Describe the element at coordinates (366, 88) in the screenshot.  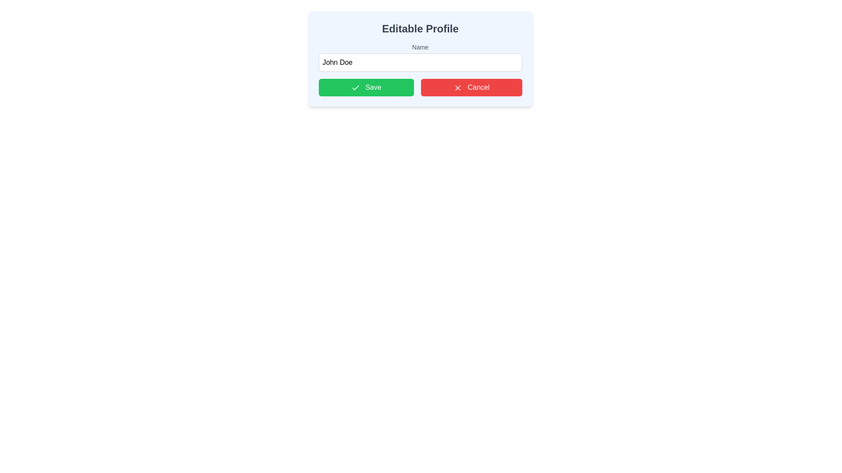
I see `the green rectangular 'Save' button with a white checkmark icon, located as the leftmost button in the group below the 'Name' text input field` at that location.